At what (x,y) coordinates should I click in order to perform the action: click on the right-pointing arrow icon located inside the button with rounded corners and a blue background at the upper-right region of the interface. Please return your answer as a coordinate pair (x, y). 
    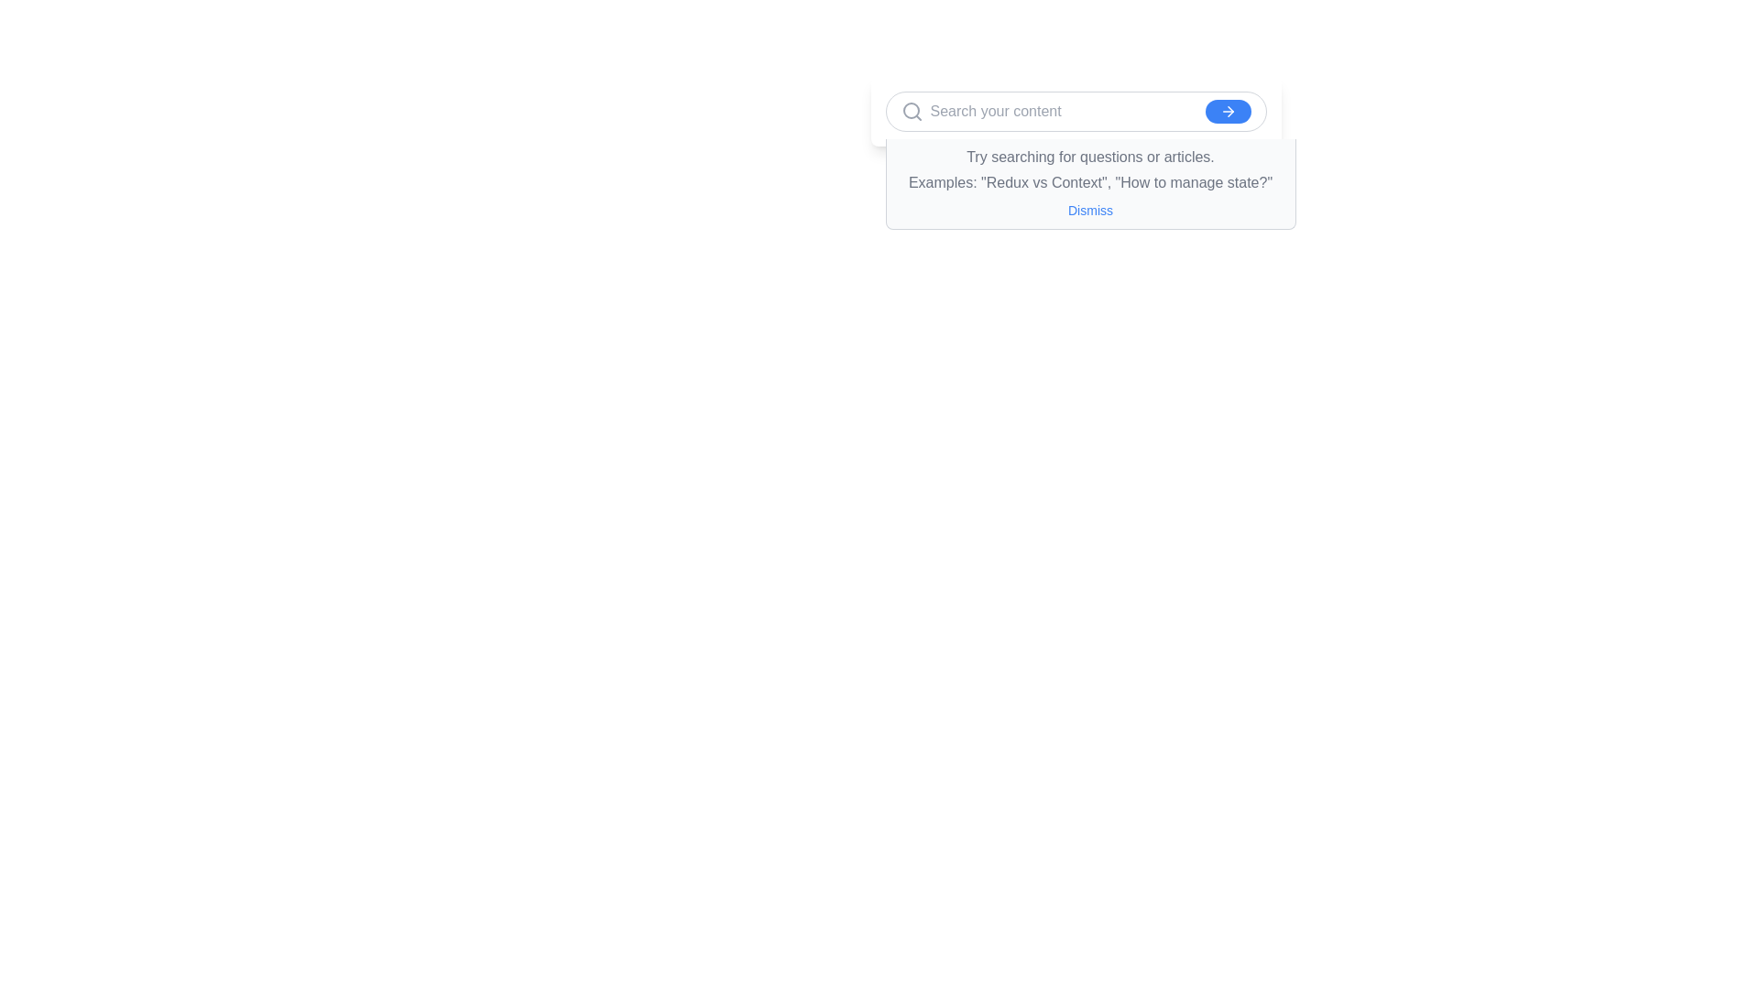
    Looking at the image, I should click on (1228, 112).